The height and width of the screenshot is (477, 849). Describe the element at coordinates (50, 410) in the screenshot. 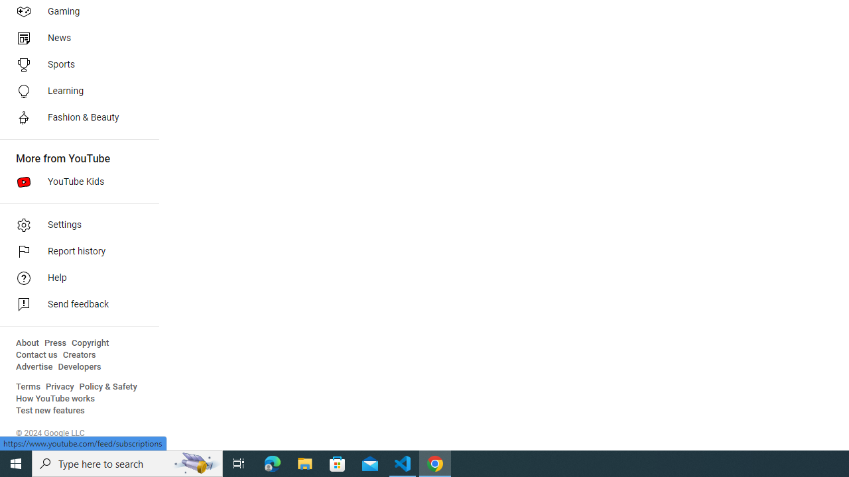

I see `'Test new features'` at that location.